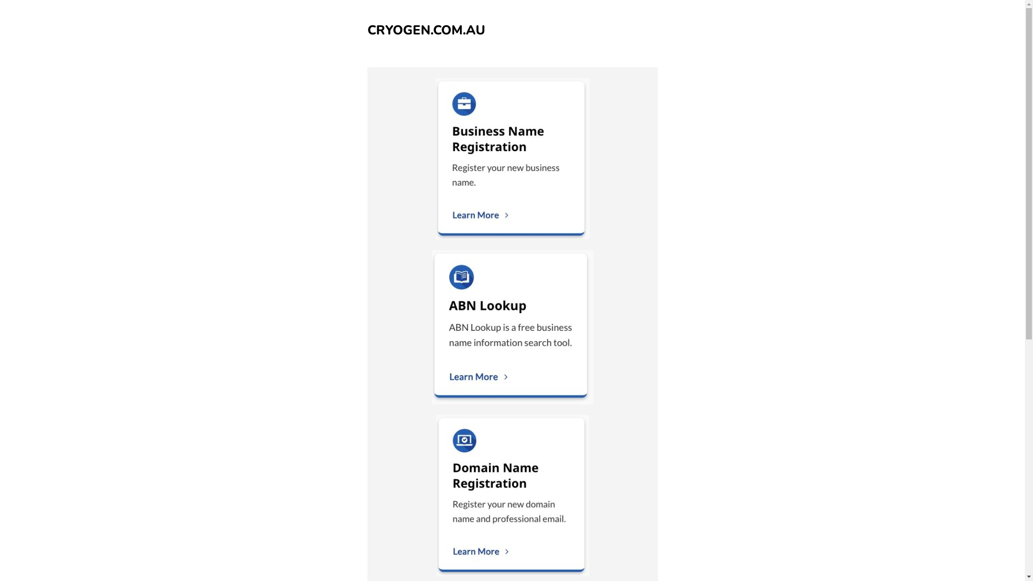  What do you see at coordinates (425, 30) in the screenshot?
I see `'CRYOGEN.COM.AU'` at bounding box center [425, 30].